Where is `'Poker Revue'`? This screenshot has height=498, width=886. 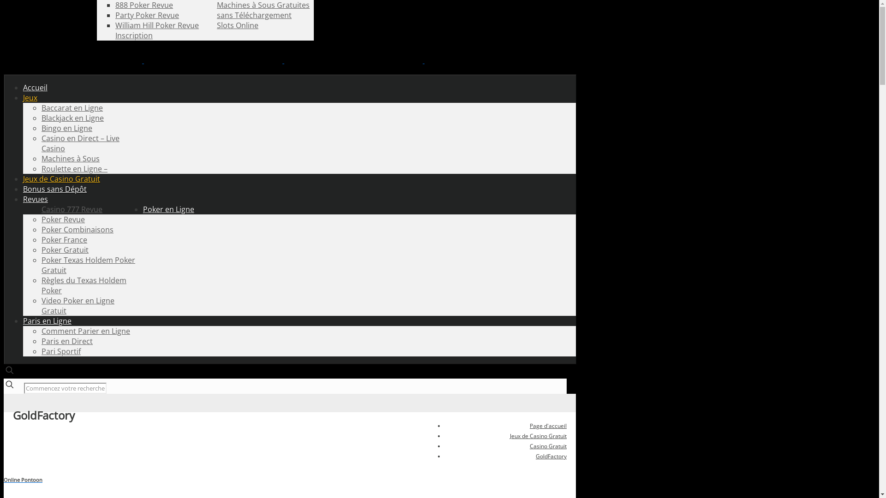 'Poker Revue' is located at coordinates (63, 219).